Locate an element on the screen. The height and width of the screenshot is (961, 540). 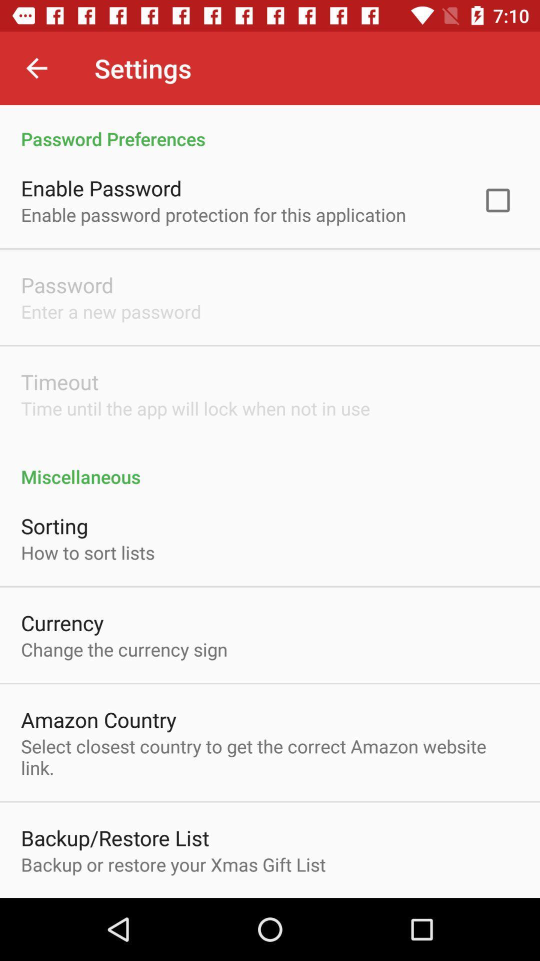
the item below currency icon is located at coordinates (123, 649).